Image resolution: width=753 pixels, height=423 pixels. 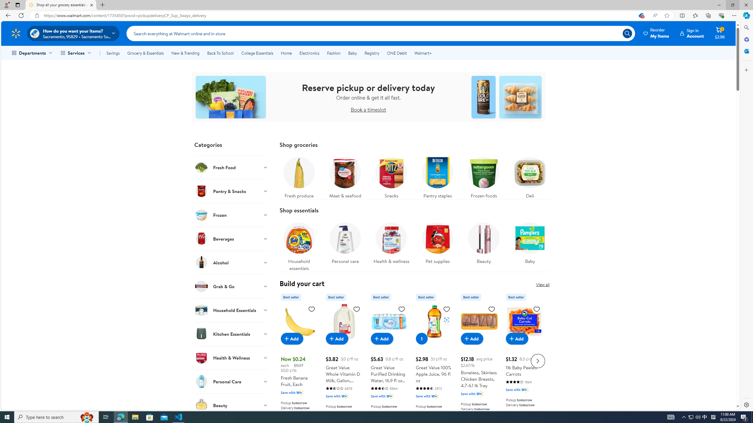 What do you see at coordinates (15, 33) in the screenshot?
I see `'Walmart Homepage'` at bounding box center [15, 33].